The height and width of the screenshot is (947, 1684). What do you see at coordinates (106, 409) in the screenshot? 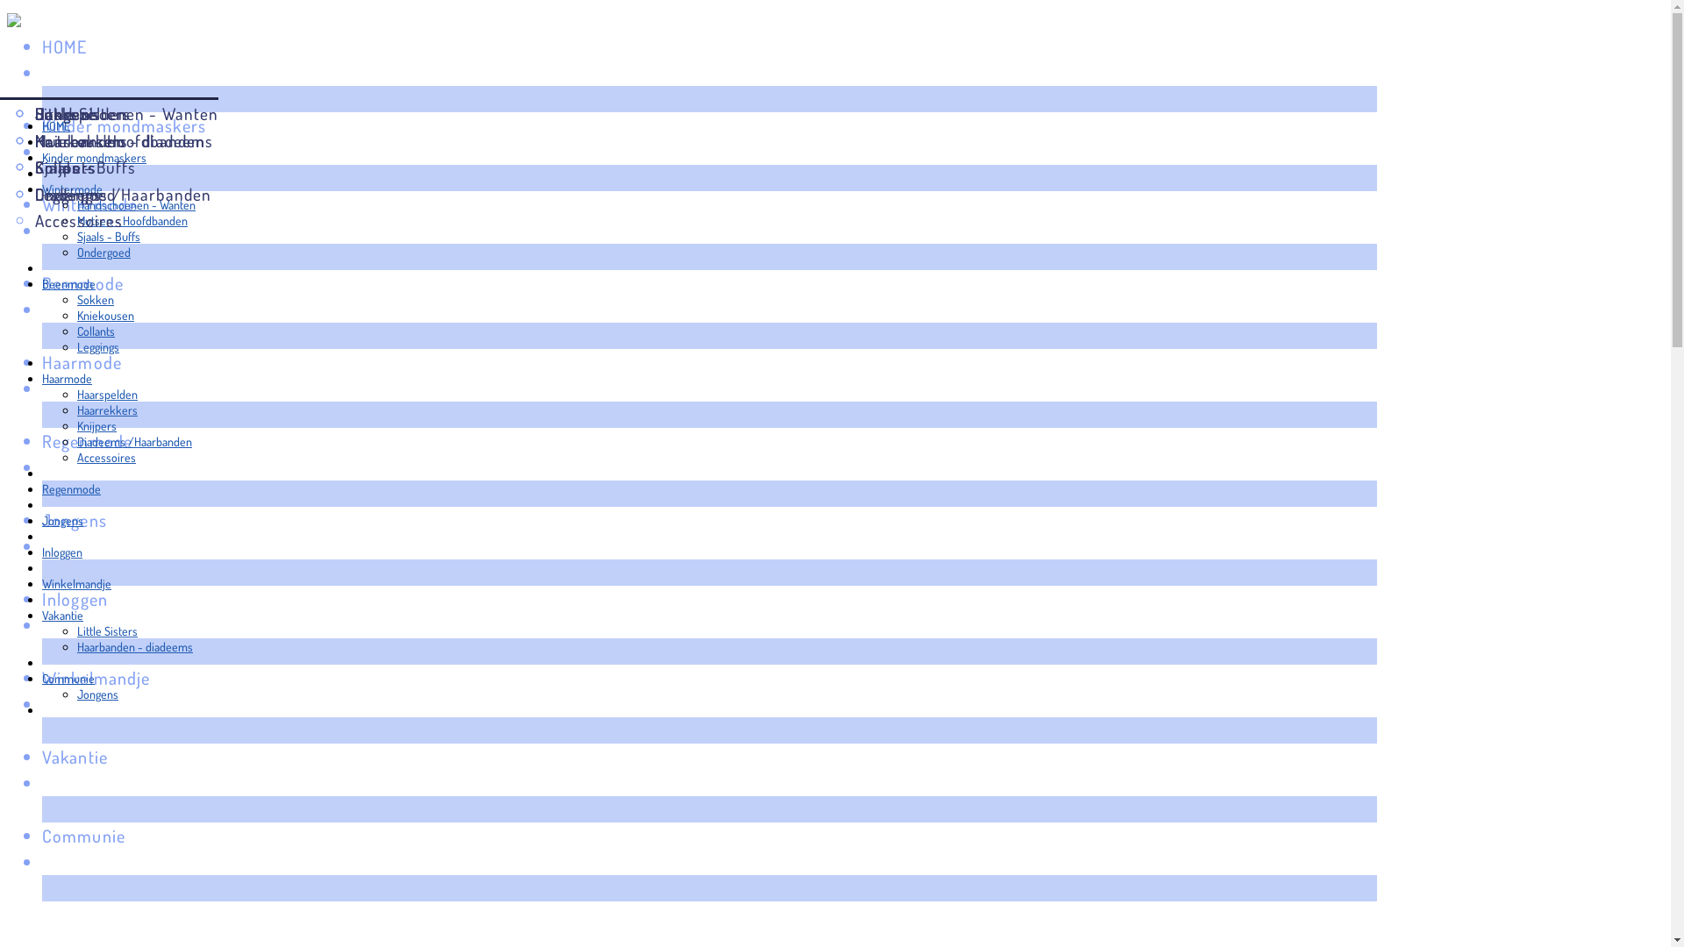
I see `'Haarrekkers'` at bounding box center [106, 409].